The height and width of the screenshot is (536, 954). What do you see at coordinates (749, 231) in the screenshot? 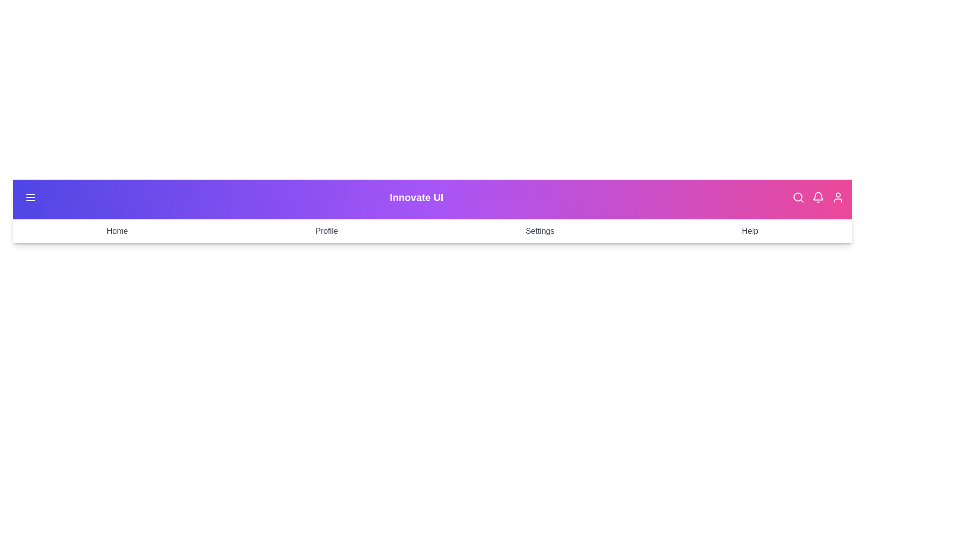
I see `the menu item labeled Help to navigate to the corresponding section` at bounding box center [749, 231].